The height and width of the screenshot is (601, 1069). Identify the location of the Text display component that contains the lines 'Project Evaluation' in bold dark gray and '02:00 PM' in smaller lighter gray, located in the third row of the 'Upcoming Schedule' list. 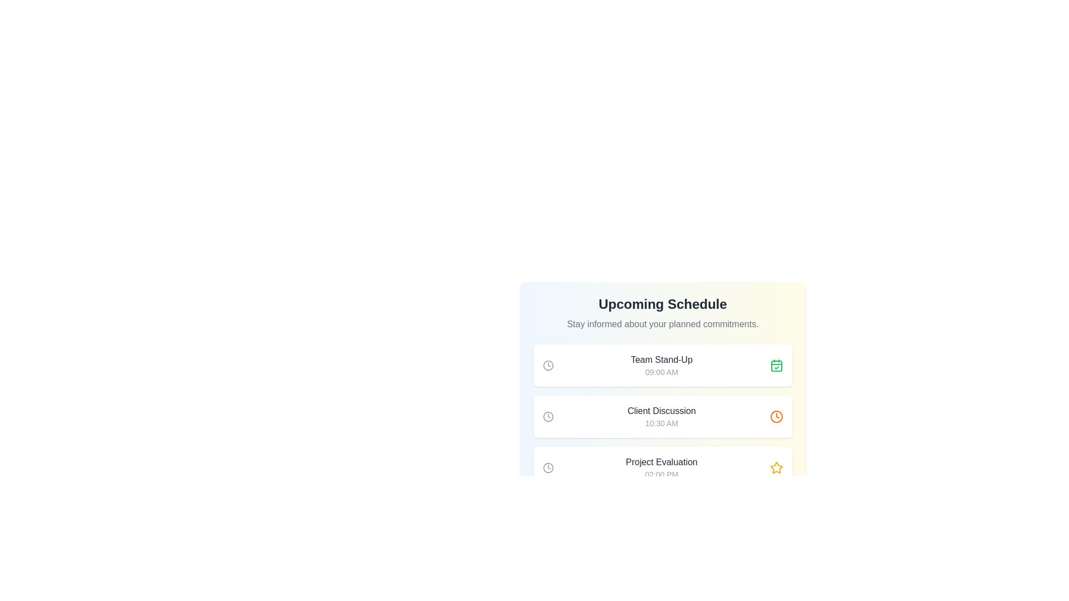
(661, 467).